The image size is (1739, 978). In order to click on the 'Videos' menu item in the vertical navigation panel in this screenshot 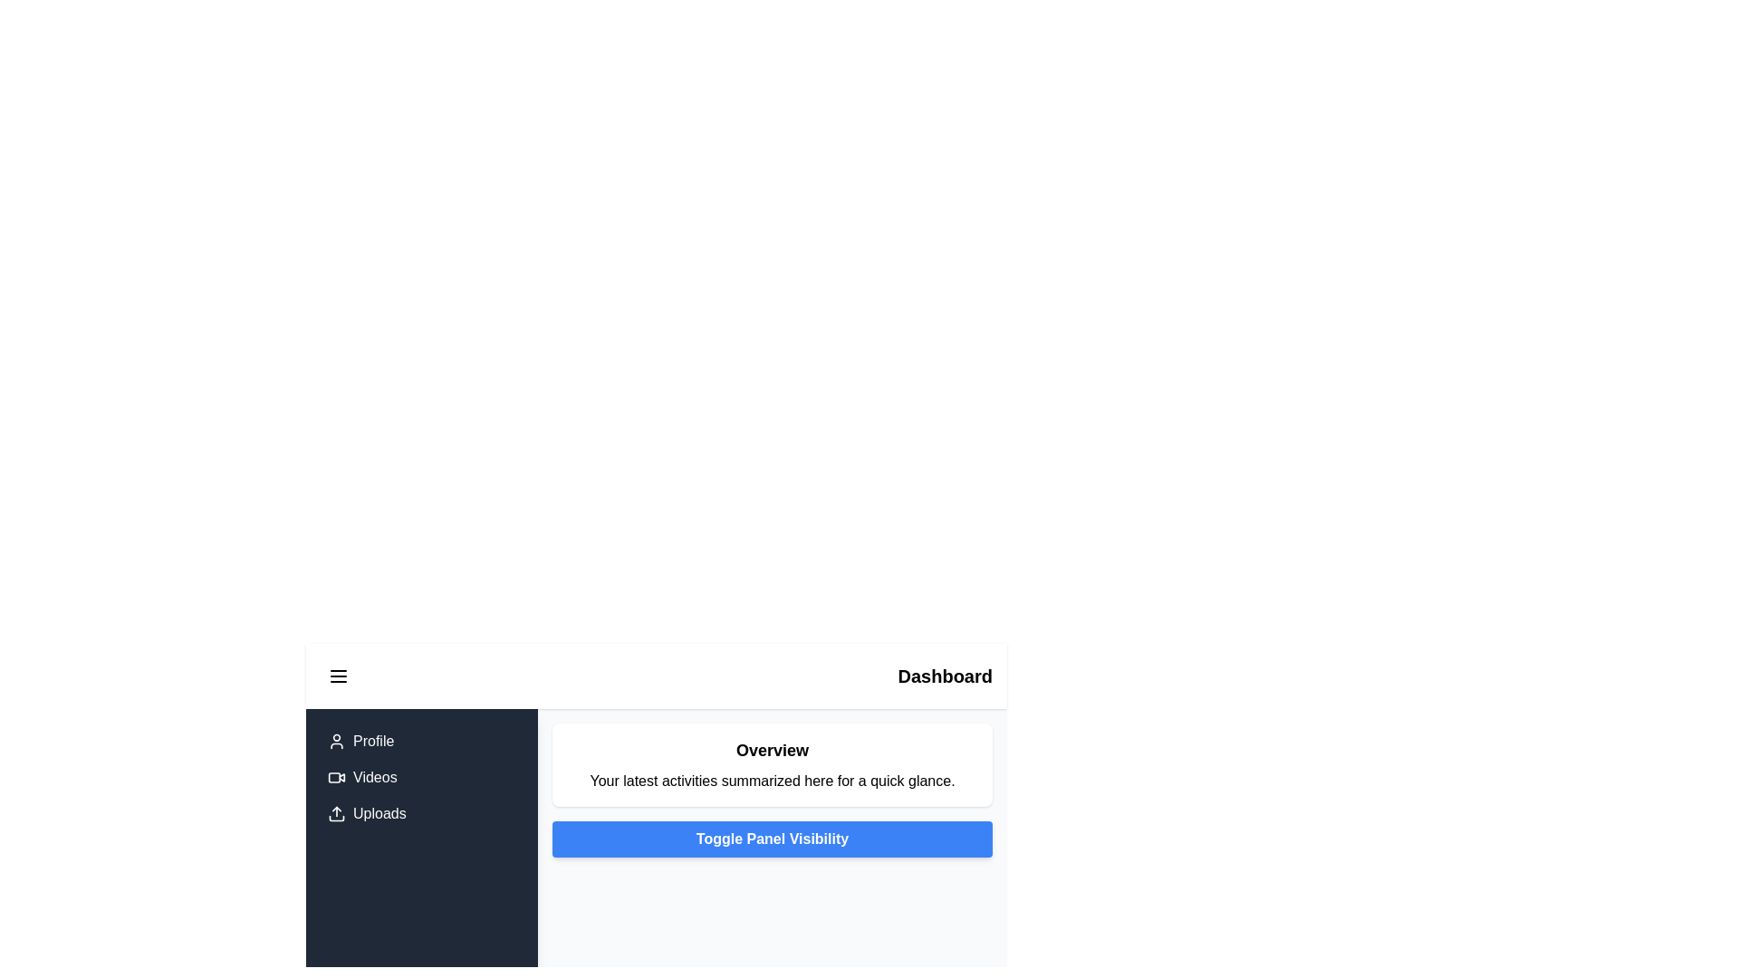, I will do `click(420, 777)`.